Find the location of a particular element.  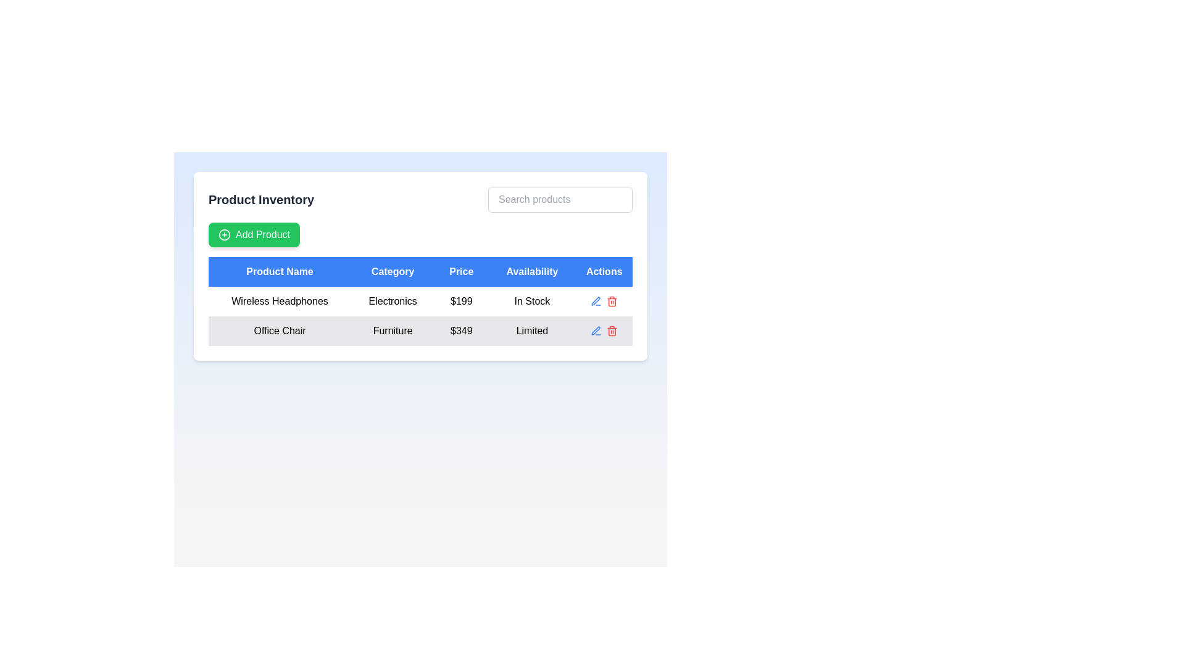

the 'Category' text header, which is the second header in the table, positioned between 'Product Name' and 'Price' is located at coordinates (392, 271).